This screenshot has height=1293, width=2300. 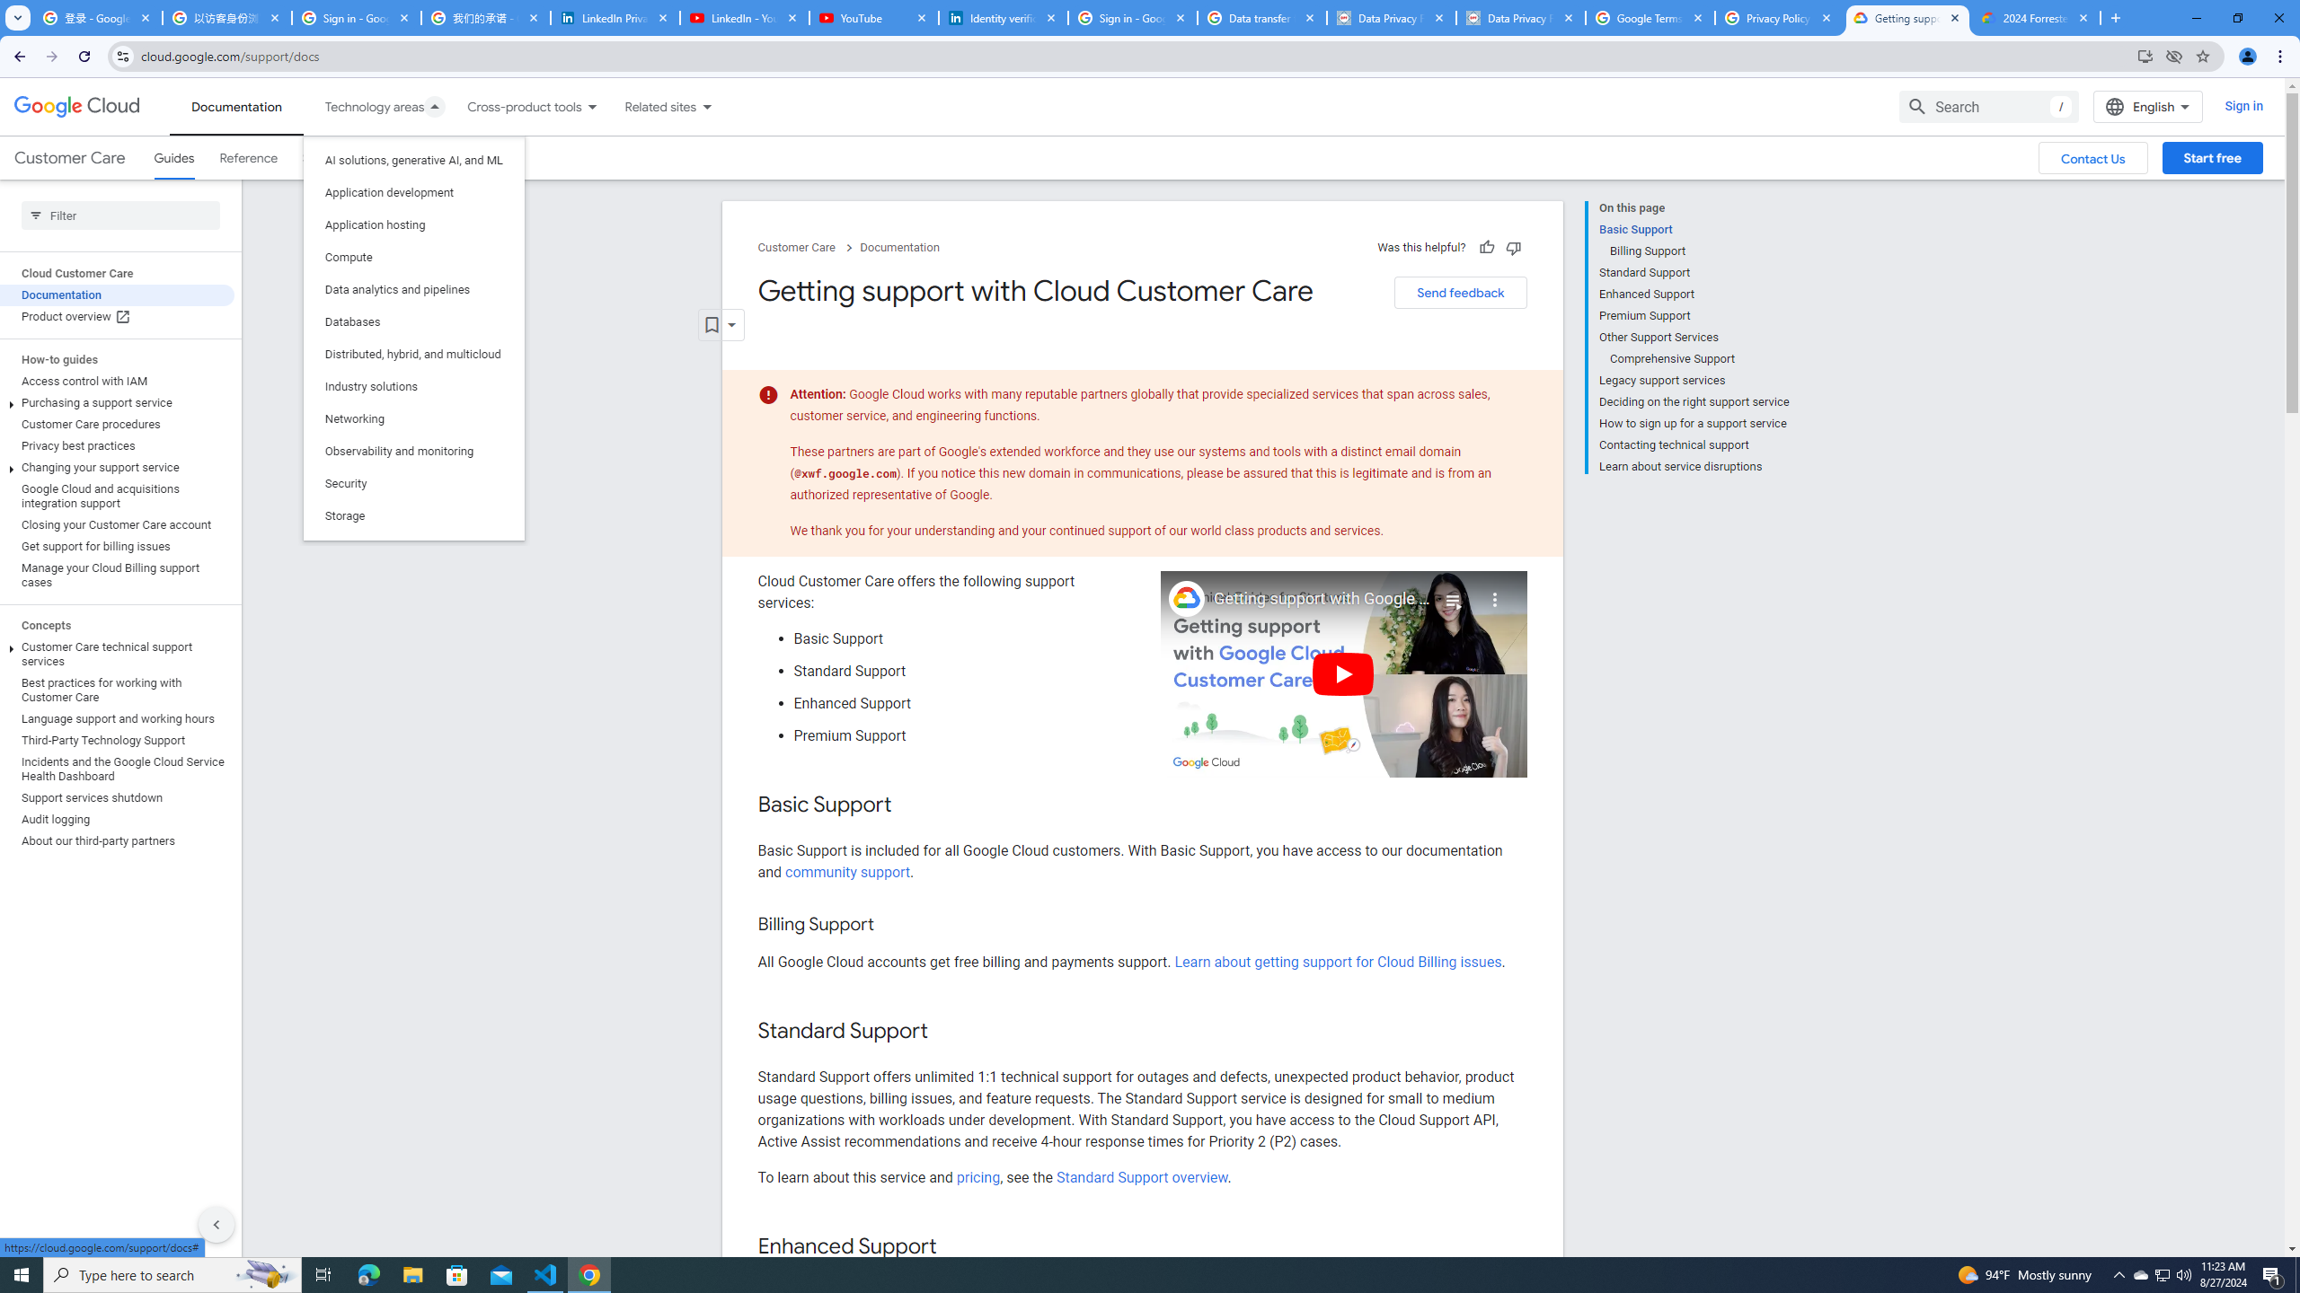 What do you see at coordinates (355, 17) in the screenshot?
I see `'Sign in - Google Accounts'` at bounding box center [355, 17].